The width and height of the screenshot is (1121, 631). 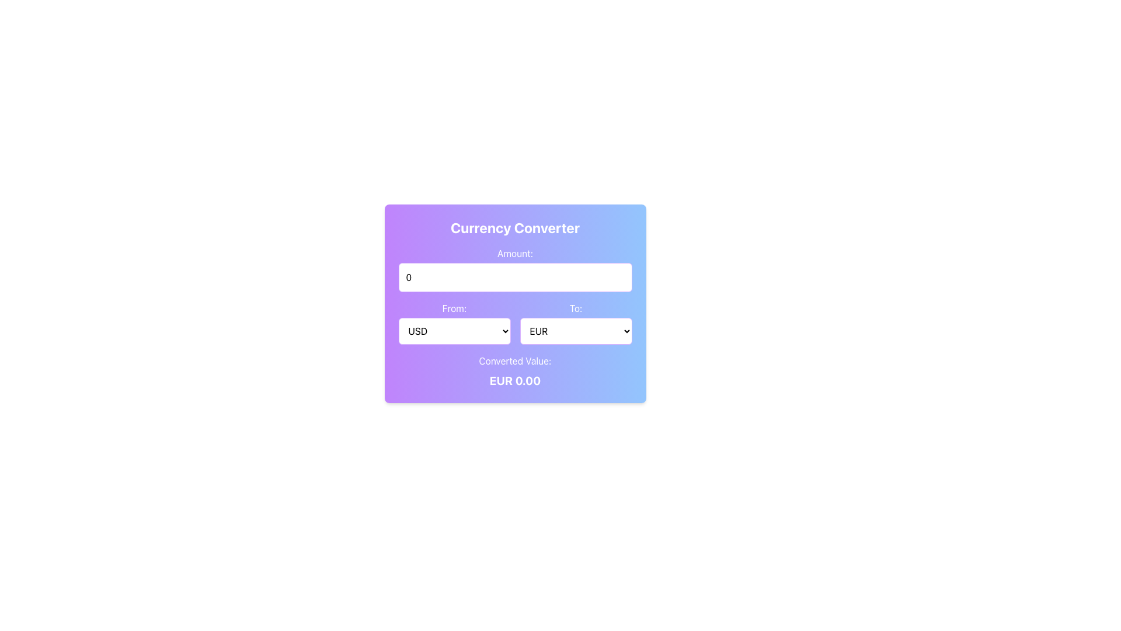 What do you see at coordinates (454, 331) in the screenshot?
I see `the rounded rectangular dropdown menu displaying 'USD'` at bounding box center [454, 331].